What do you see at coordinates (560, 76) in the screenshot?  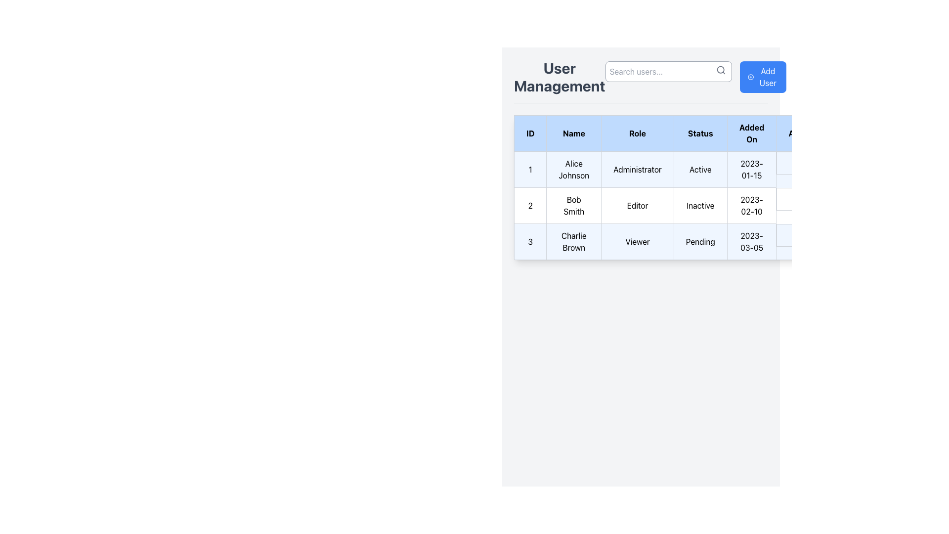 I see `the Text Header that serves as the title for the 'User Management' section, which is located in the upper-left corner of the header section above the main body of the interface` at bounding box center [560, 76].